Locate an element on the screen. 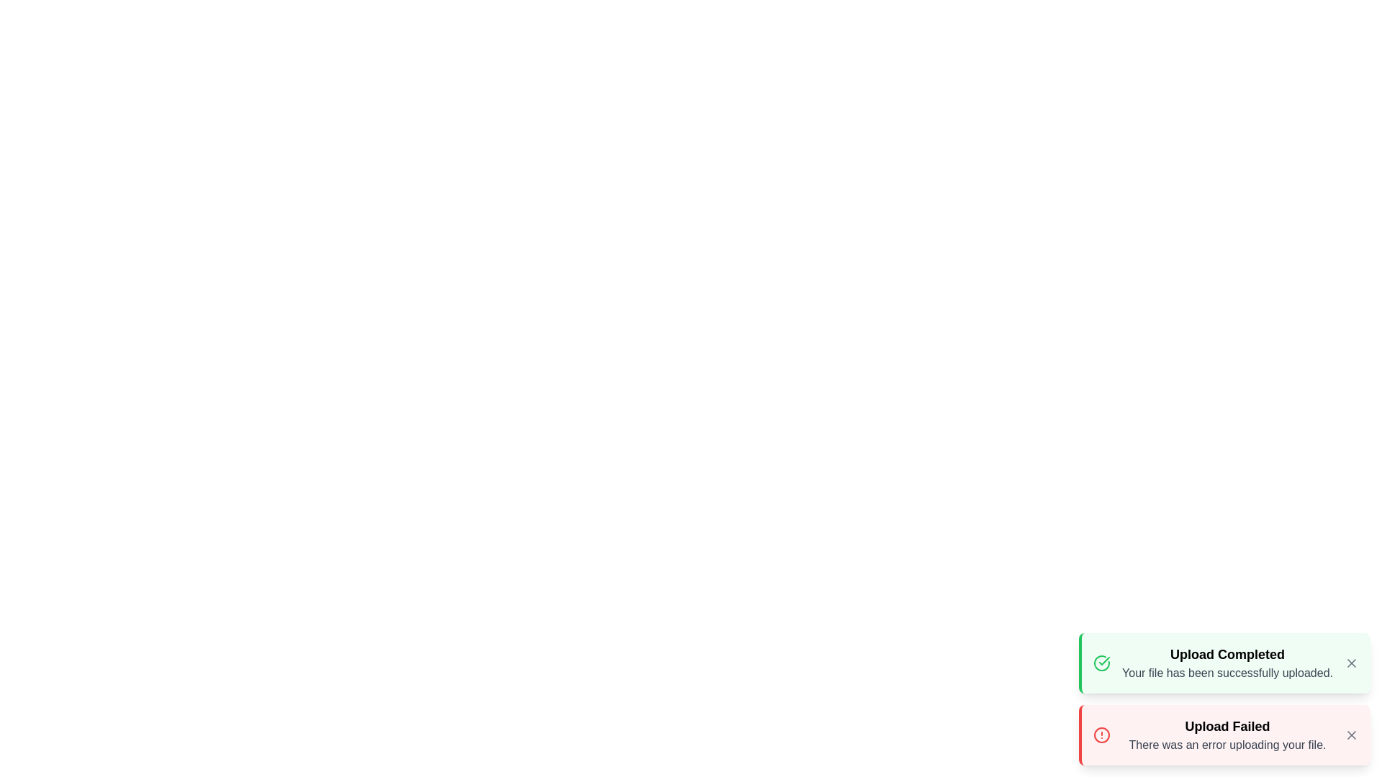 Image resolution: width=1382 pixels, height=777 pixels. the error alert icon located at the top-left corner of the 'Upload Failed' message box, outlined in red is located at coordinates (1101, 735).